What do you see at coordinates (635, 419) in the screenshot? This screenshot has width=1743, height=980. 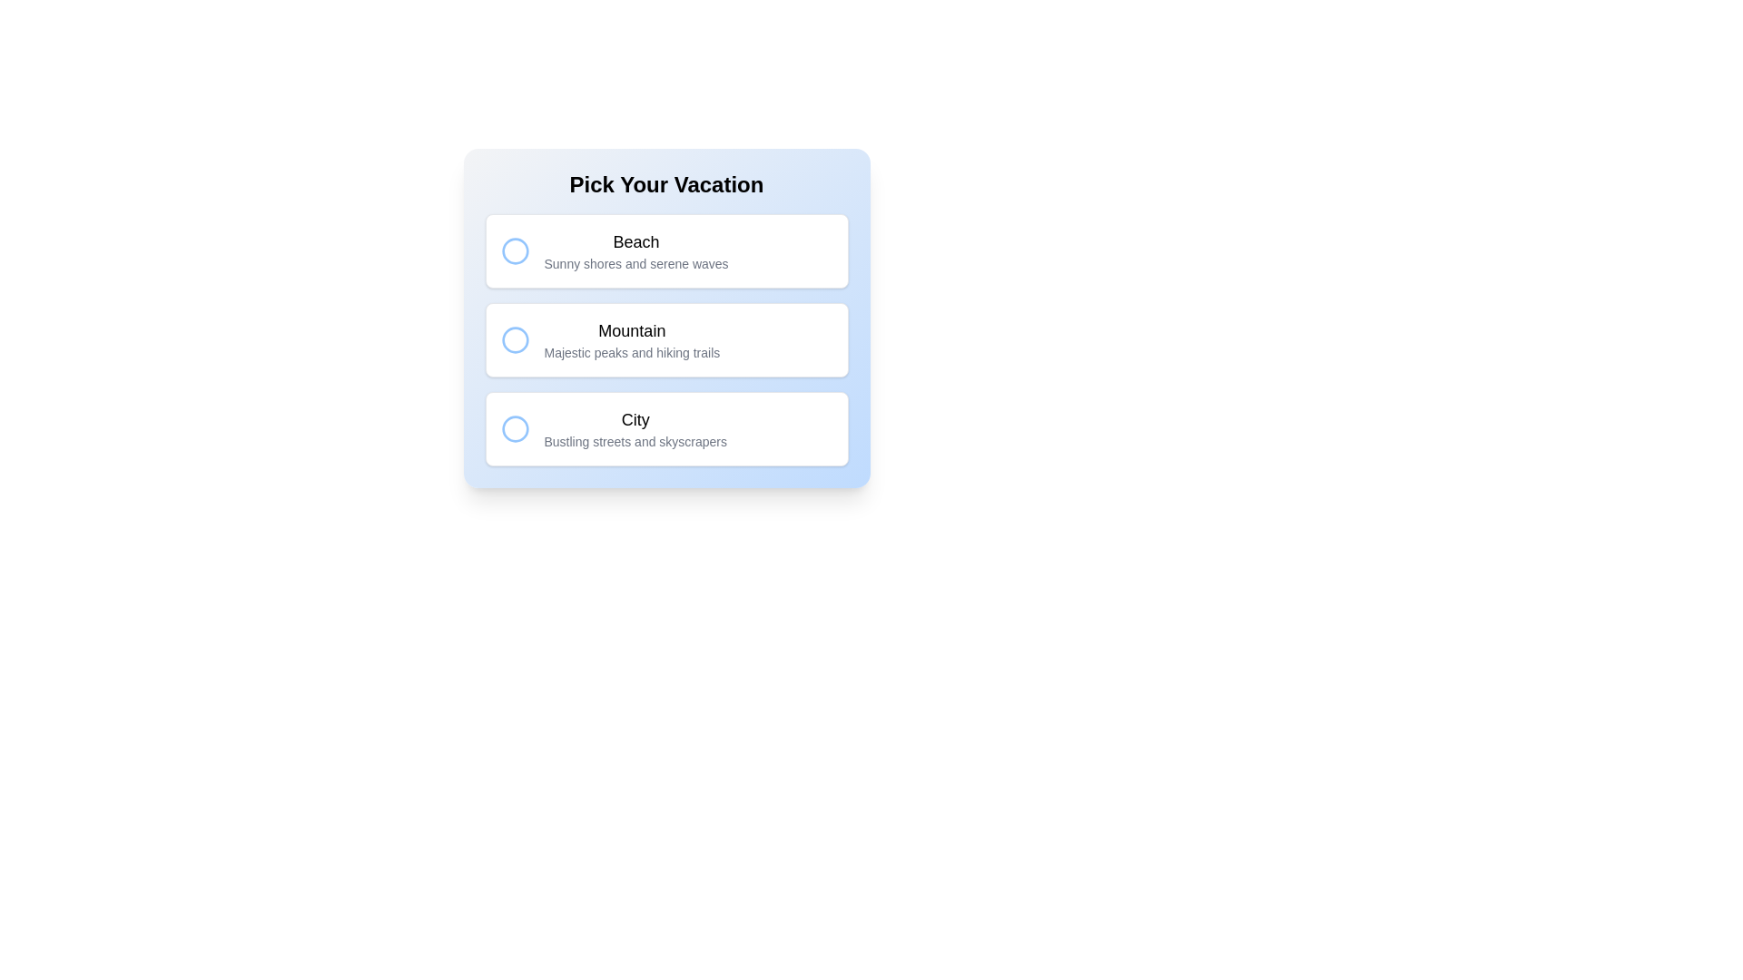 I see `text label 'City' which is styled in a medium-weight font and is part of the third option in the vertical list of vacation choices labeled 'Pick Your Vacation.'` at bounding box center [635, 419].